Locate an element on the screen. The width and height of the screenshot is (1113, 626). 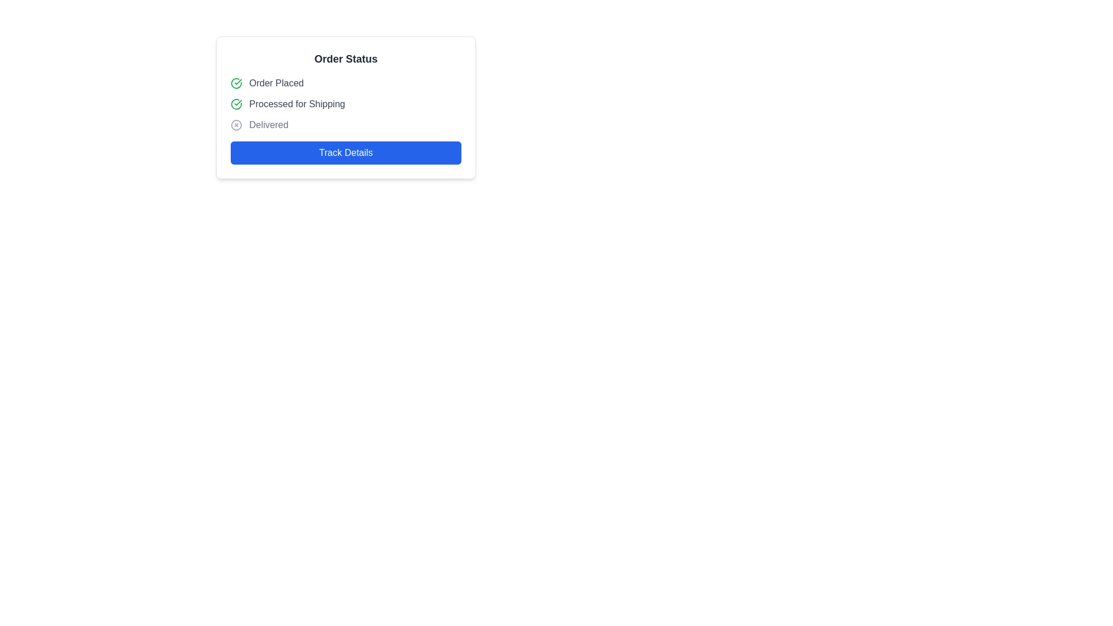
the bold, large-sized text header 'Order Status' located at the top of the white rounded rectangle card containing order status details is located at coordinates (345, 59).